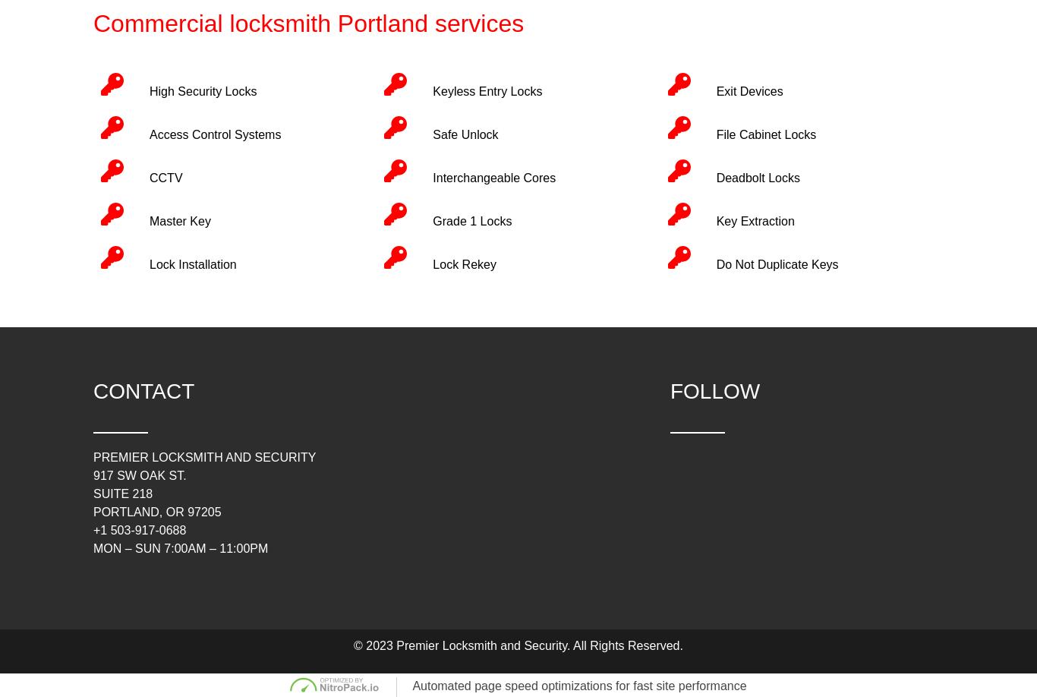 This screenshot has height=697, width=1037. What do you see at coordinates (715, 176) in the screenshot?
I see `'Deadbolt Locks'` at bounding box center [715, 176].